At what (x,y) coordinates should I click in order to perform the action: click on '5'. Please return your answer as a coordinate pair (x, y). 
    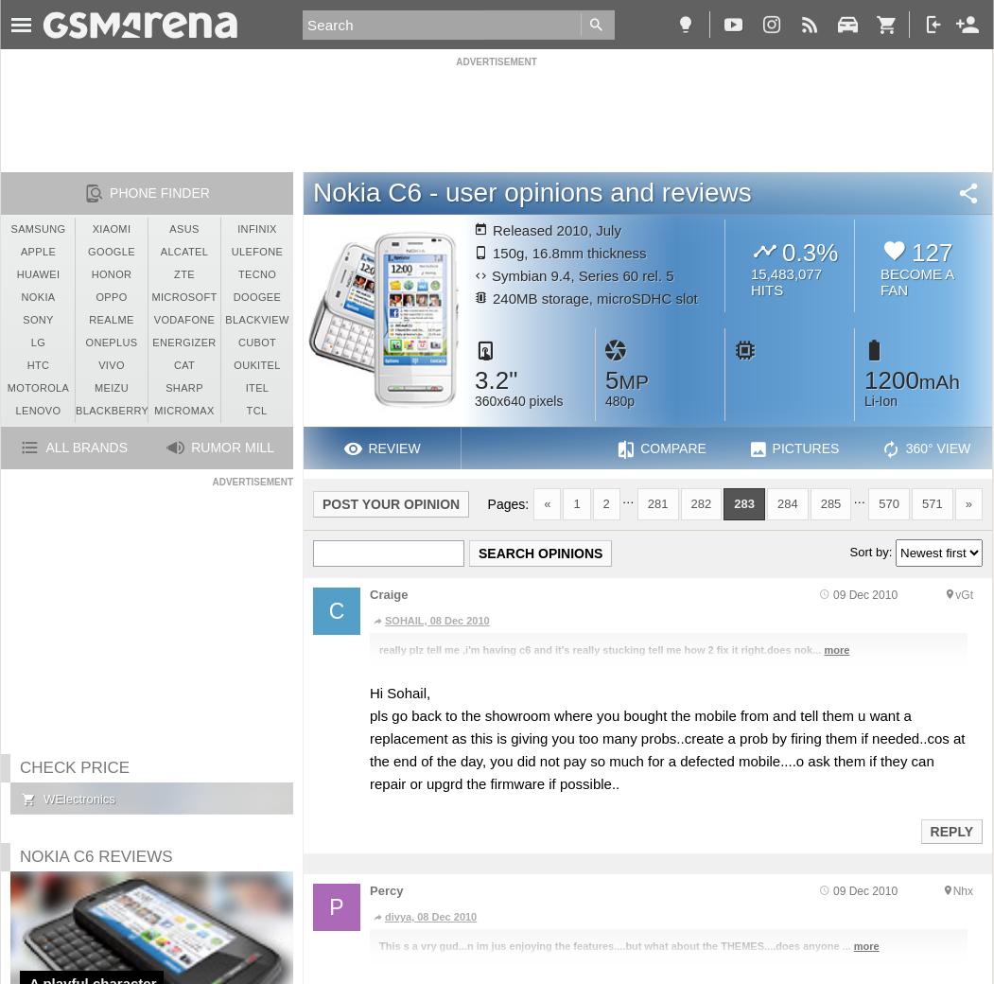
    Looking at the image, I should click on (603, 379).